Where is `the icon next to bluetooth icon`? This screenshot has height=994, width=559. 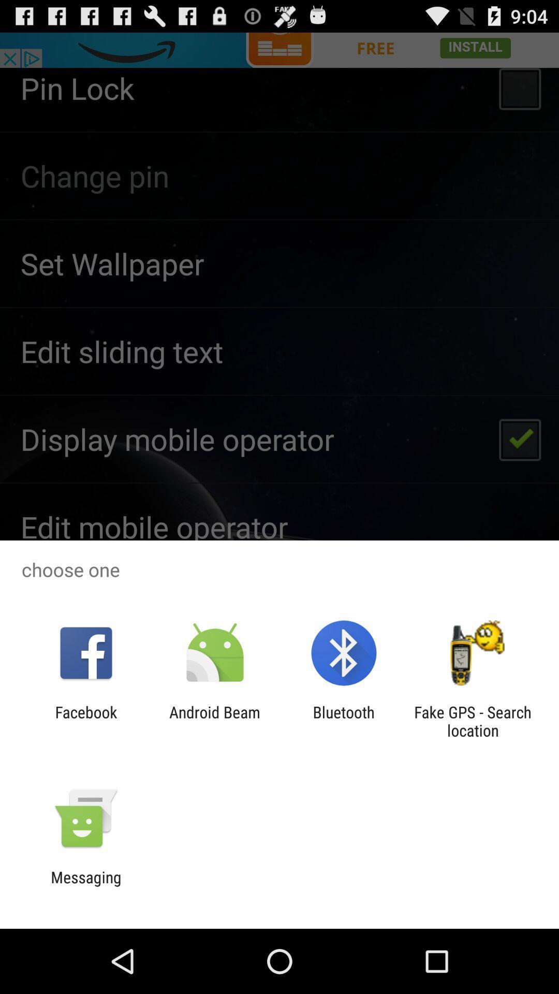
the icon next to bluetooth icon is located at coordinates (473, 721).